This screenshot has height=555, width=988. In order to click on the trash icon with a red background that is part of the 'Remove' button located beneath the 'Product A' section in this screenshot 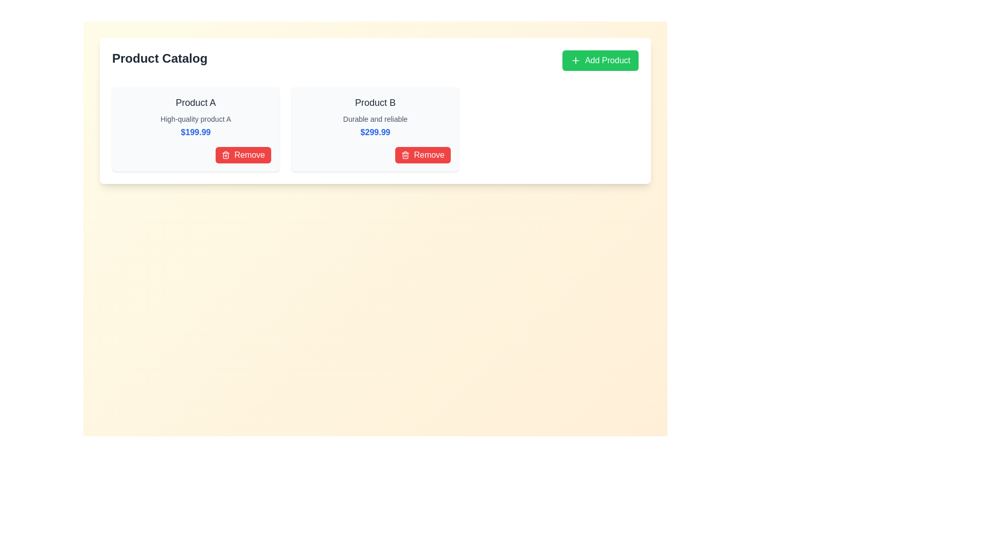, I will do `click(225, 155)`.